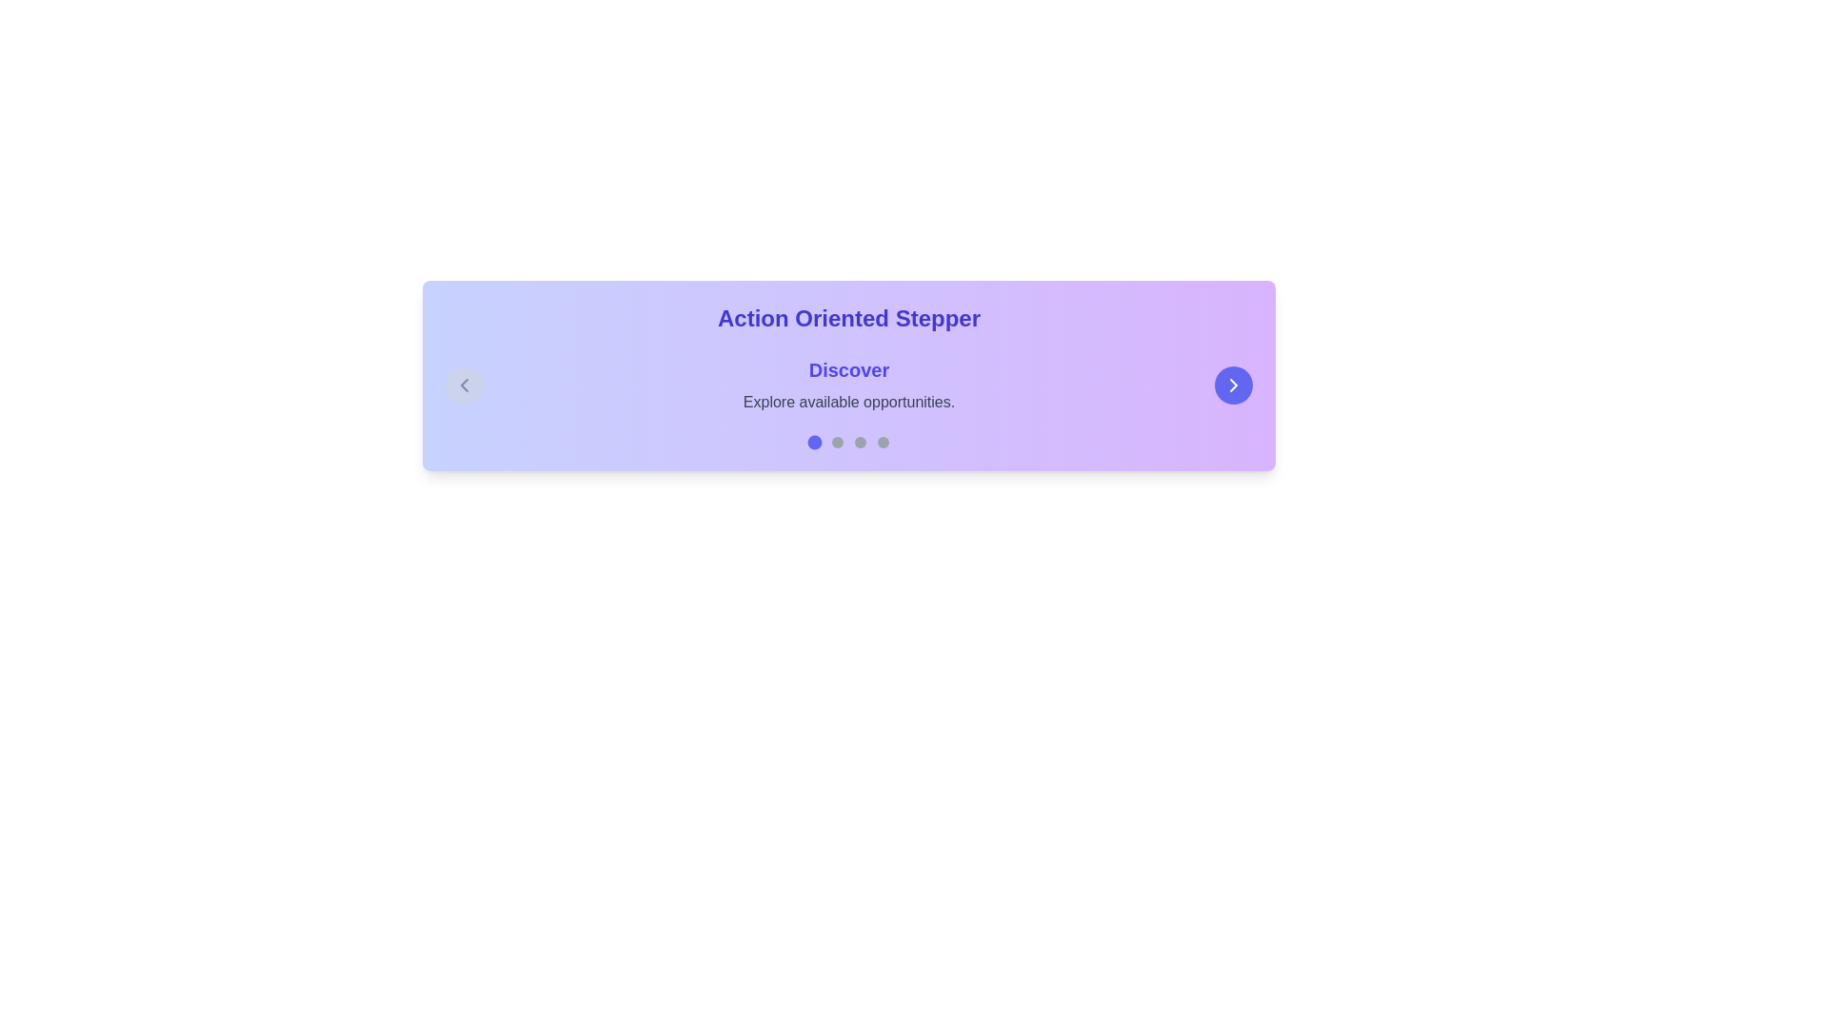  Describe the element at coordinates (848, 370) in the screenshot. I see `the bolded text element reading 'Discover' that is prominently displayed in a vibrant indigo color and centrally placed above the text 'Explore available opportunities.'` at that location.